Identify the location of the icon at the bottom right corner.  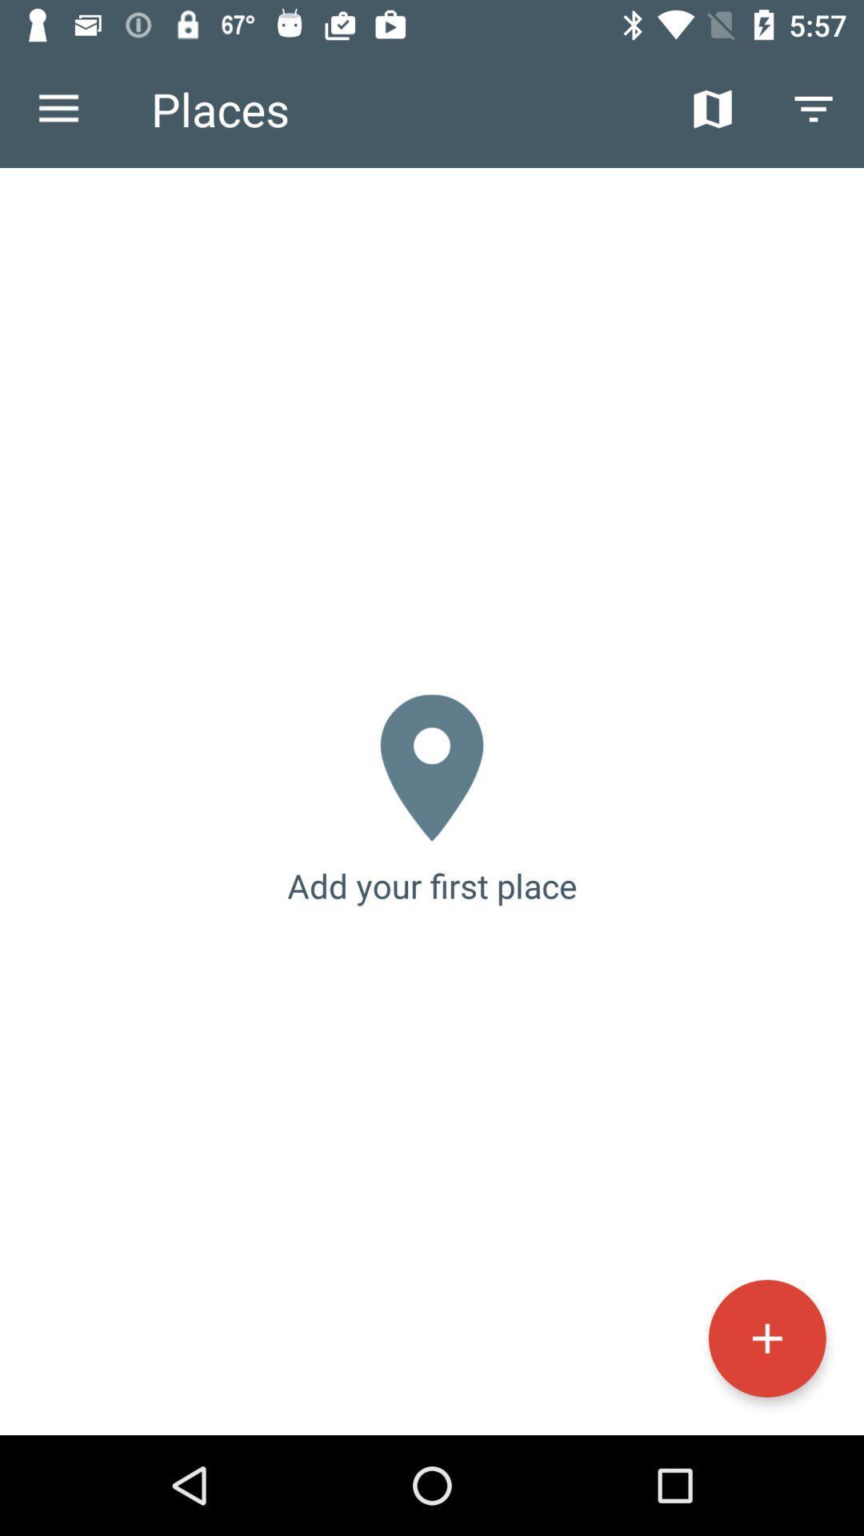
(766, 1338).